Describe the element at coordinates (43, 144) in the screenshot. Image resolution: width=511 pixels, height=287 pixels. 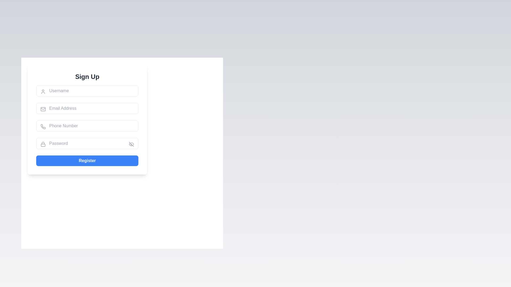
I see `the small grey lock icon with rounded edges inside the 'Password' input field, which is positioned towards the left of the text entry area` at that location.